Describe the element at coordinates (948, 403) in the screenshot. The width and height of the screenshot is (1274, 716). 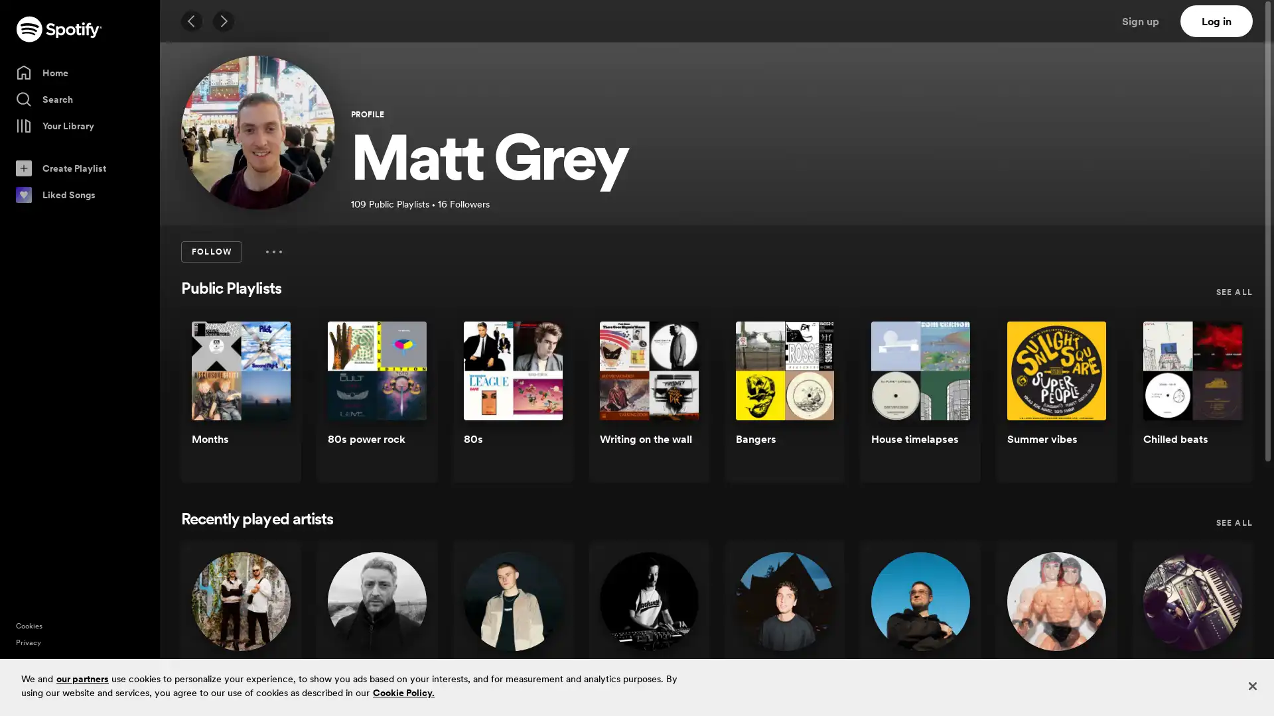
I see `Play House timelapses` at that location.